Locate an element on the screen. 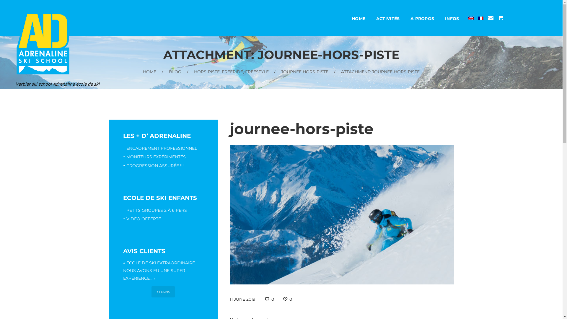 This screenshot has height=319, width=567. 'A PROPOS' is located at coordinates (405, 19).